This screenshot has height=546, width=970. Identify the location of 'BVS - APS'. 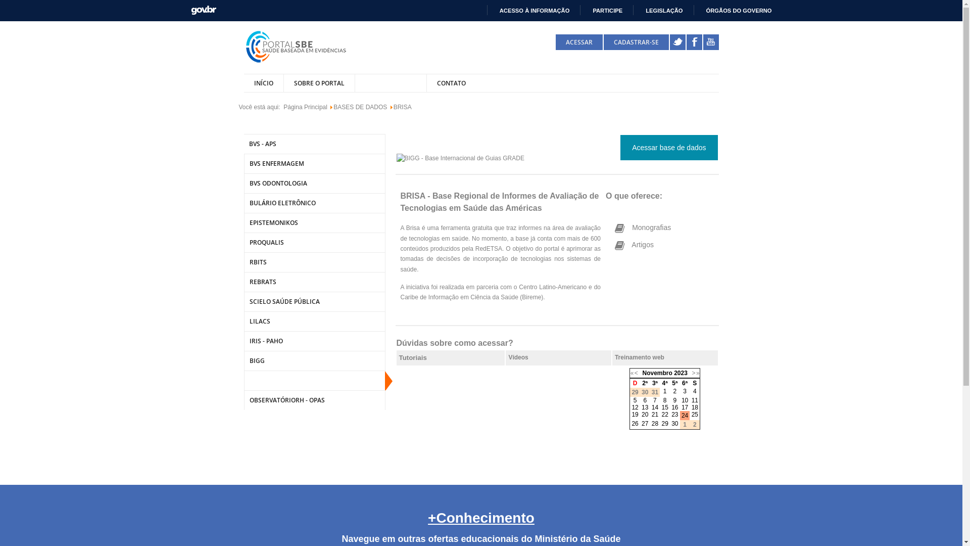
(314, 144).